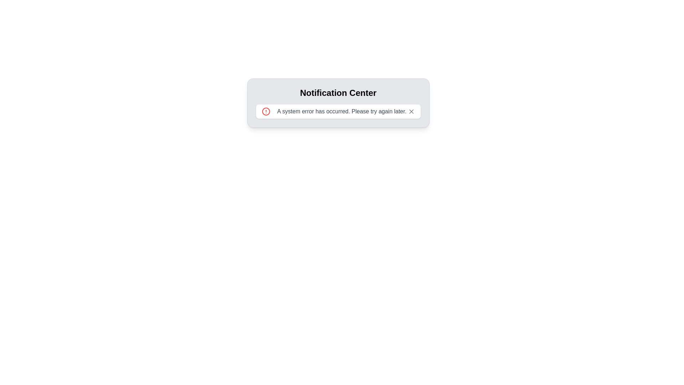 The height and width of the screenshot is (385, 684). Describe the element at coordinates (411, 111) in the screenshot. I see `the cross icon, which is a graphic representation composed of two diagonal lines intersecting in the middle, located within the notification box at the end of the error message text` at that location.